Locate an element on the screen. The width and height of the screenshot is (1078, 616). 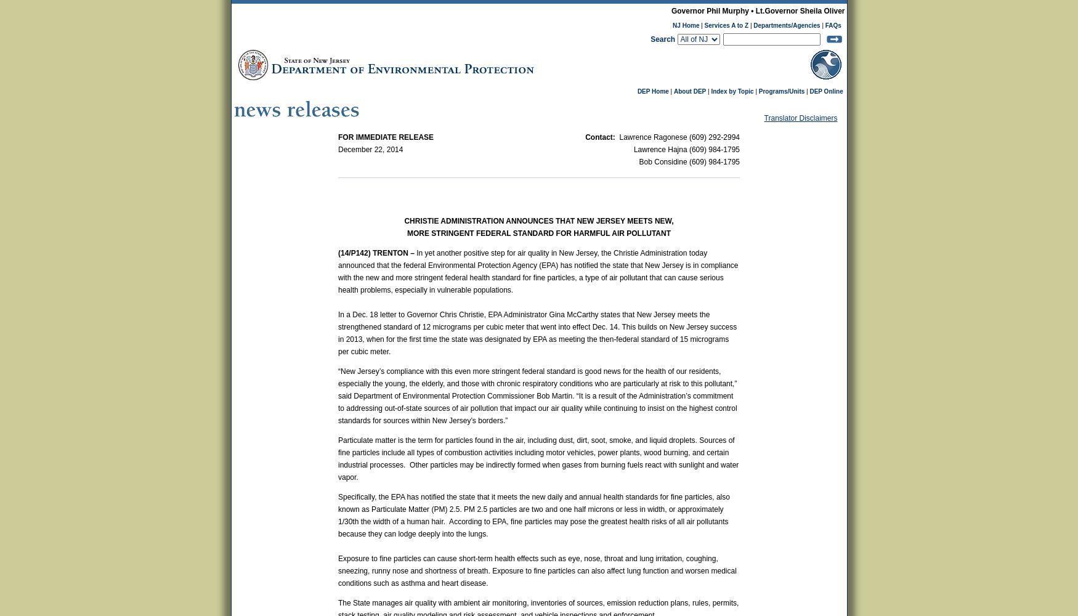
'In a Dec. 18 letter to Governor Chris Christie, EPA Administrator Gina McCarthy  states that New Jersey meets the strengthened standard of 12 micrograms per  cubic meter that went into effect Dec. 14. This builds on New Jersey success in  2013, when for the first time the state was designated by EPA as meeting the  then-federal standard of 15 micrograms per cubic meter.' is located at coordinates (337, 333).